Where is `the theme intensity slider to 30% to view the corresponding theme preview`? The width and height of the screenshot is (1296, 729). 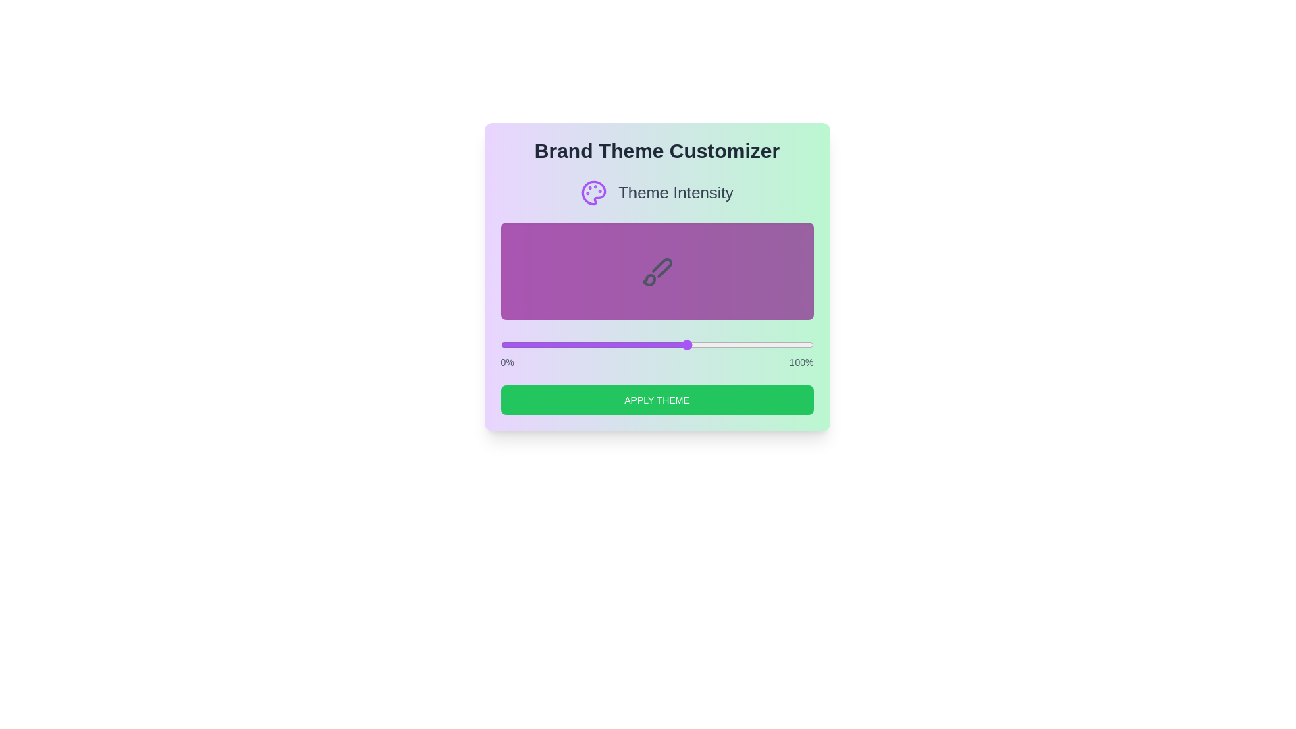 the theme intensity slider to 30% to view the corresponding theme preview is located at coordinates (594, 344).